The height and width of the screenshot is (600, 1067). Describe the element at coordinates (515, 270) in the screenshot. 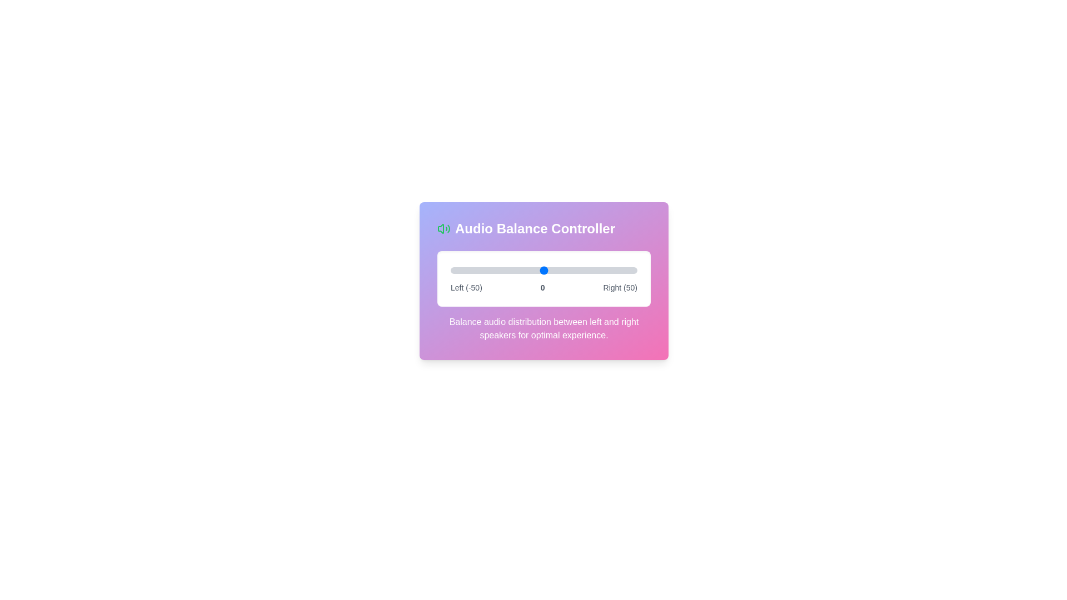

I see `the balance slider to set the audio balance to -15` at that location.